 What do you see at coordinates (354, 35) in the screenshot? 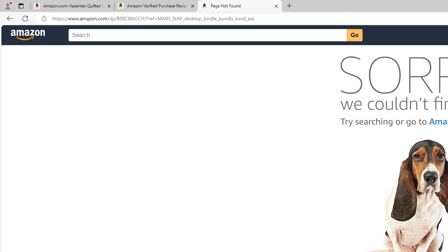
I see `'Go'` at bounding box center [354, 35].